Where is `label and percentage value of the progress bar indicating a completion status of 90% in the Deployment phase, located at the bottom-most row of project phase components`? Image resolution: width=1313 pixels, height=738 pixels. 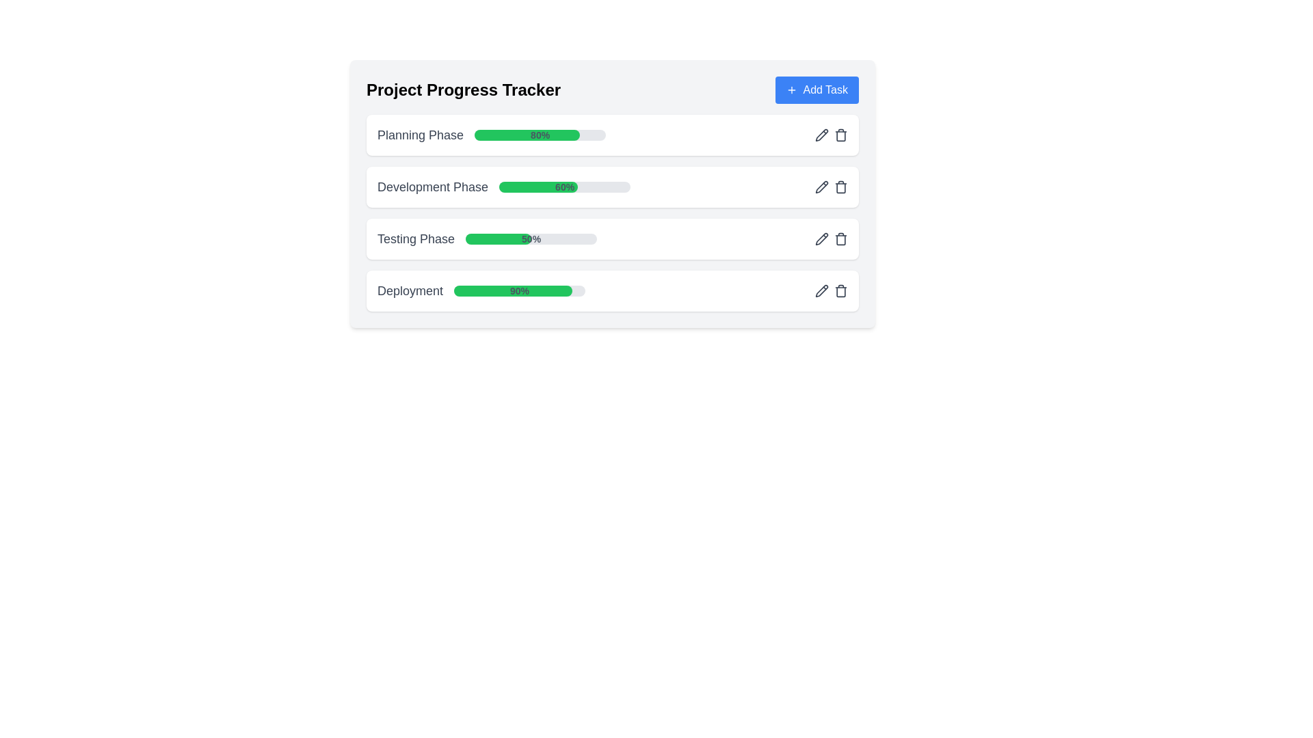
label and percentage value of the progress bar indicating a completion status of 90% in the Deployment phase, located at the bottom-most row of project phase components is located at coordinates (481, 290).